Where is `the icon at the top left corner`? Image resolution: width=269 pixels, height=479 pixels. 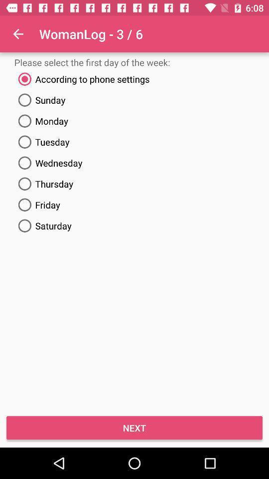
the icon at the top left corner is located at coordinates (18, 34).